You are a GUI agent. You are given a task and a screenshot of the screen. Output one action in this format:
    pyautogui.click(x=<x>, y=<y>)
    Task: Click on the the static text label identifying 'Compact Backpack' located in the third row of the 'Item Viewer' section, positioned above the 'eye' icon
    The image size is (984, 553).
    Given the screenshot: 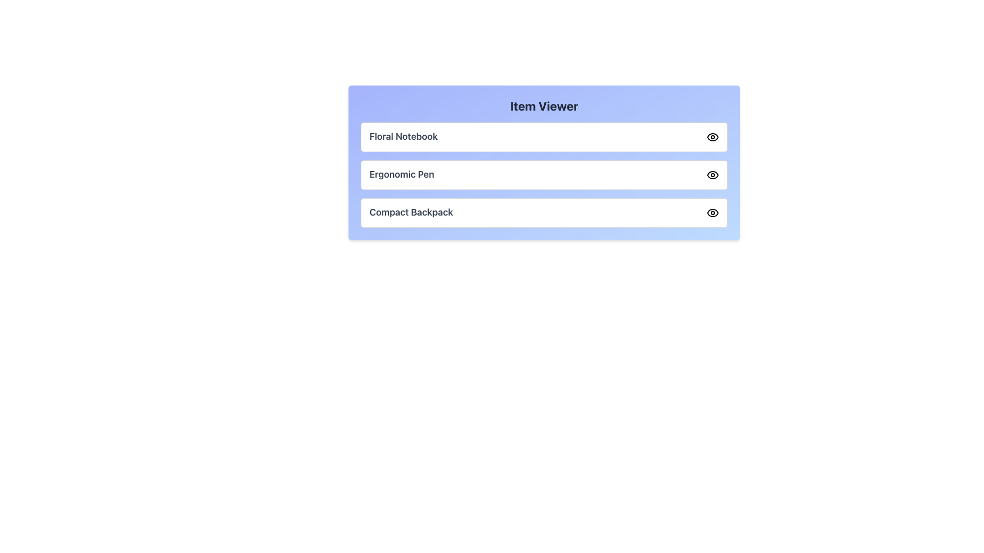 What is the action you would take?
    pyautogui.click(x=411, y=212)
    